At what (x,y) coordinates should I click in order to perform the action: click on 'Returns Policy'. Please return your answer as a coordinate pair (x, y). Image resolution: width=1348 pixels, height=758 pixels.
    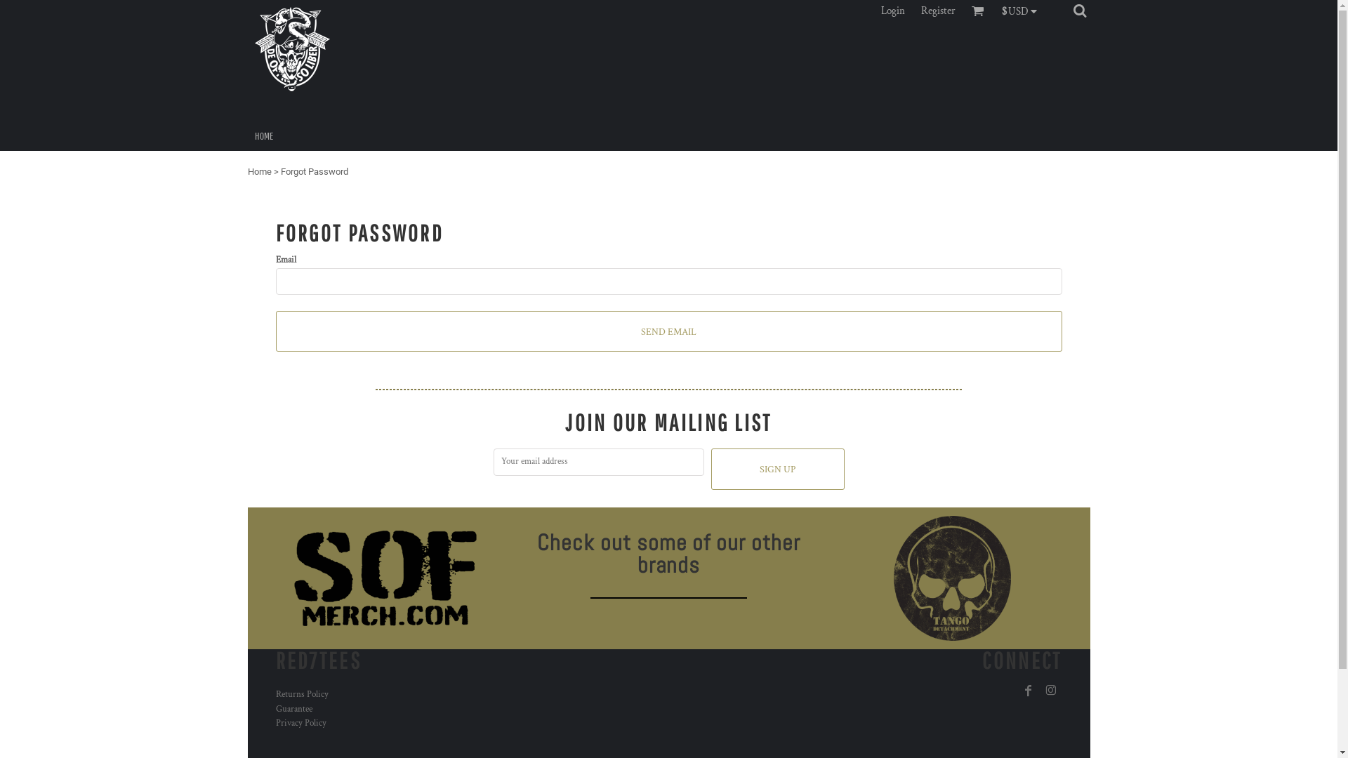
    Looking at the image, I should click on (300, 693).